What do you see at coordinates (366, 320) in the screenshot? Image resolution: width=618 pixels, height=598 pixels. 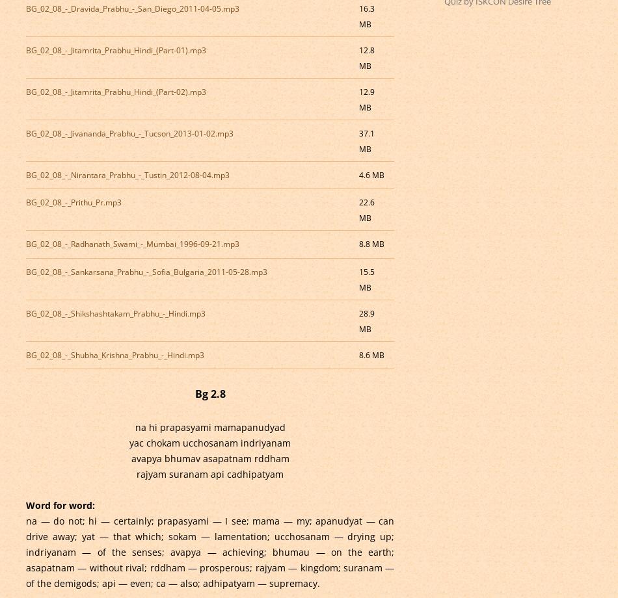 I see `'28.9 MB'` at bounding box center [366, 320].